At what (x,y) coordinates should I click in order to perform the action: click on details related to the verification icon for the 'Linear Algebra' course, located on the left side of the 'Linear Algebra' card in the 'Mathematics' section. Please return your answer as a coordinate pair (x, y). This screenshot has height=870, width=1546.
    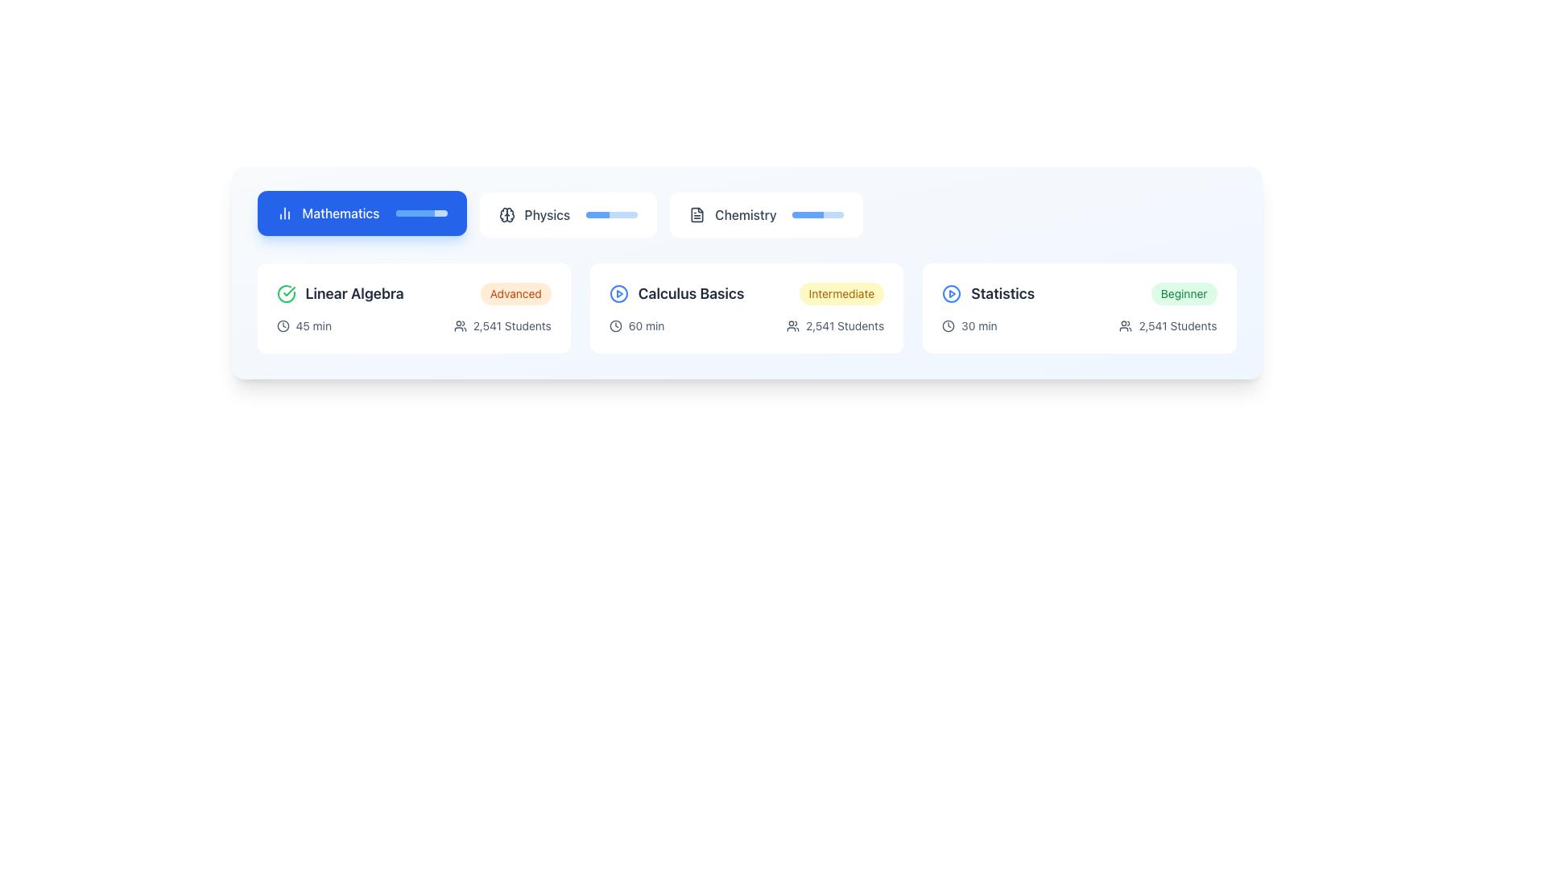
    Looking at the image, I should click on (286, 294).